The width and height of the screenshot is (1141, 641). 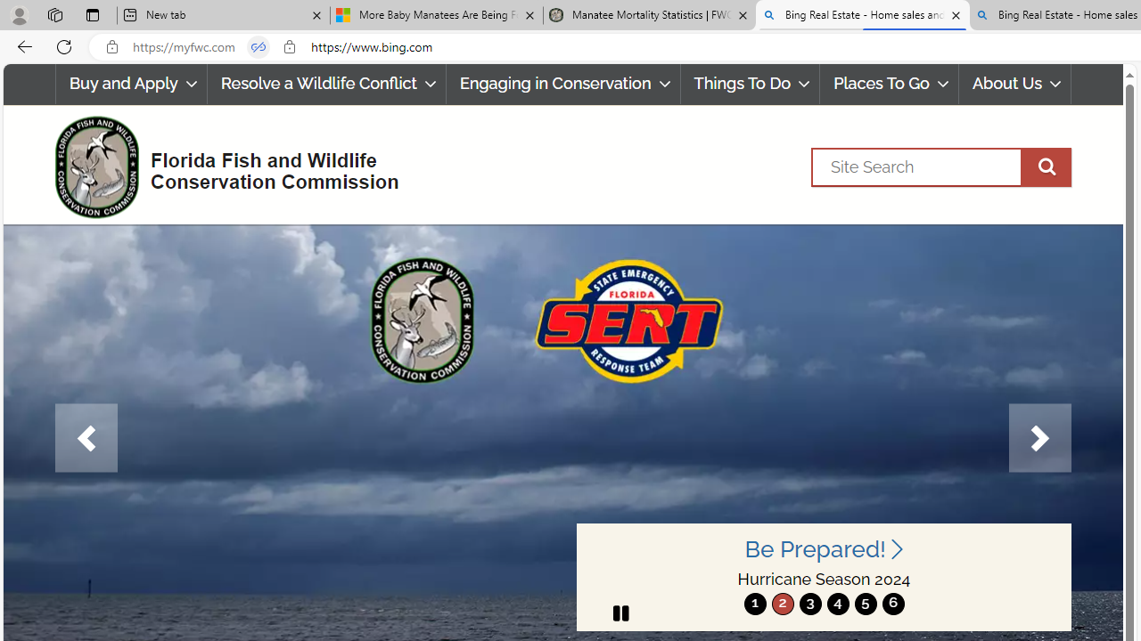 What do you see at coordinates (218, 165) in the screenshot?
I see `'FWC Logo Florida Fish and Wildlife Conservation Commission'` at bounding box center [218, 165].